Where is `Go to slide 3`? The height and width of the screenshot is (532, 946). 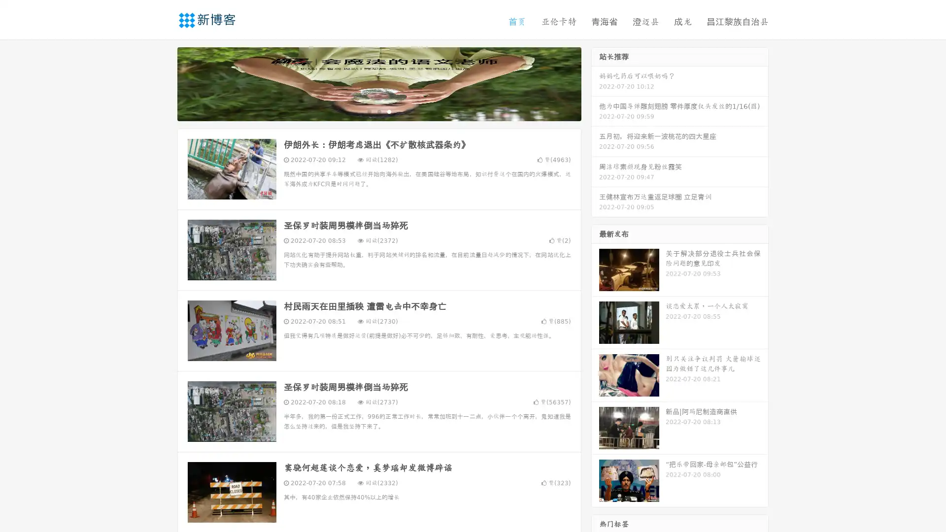
Go to slide 3 is located at coordinates (389, 111).